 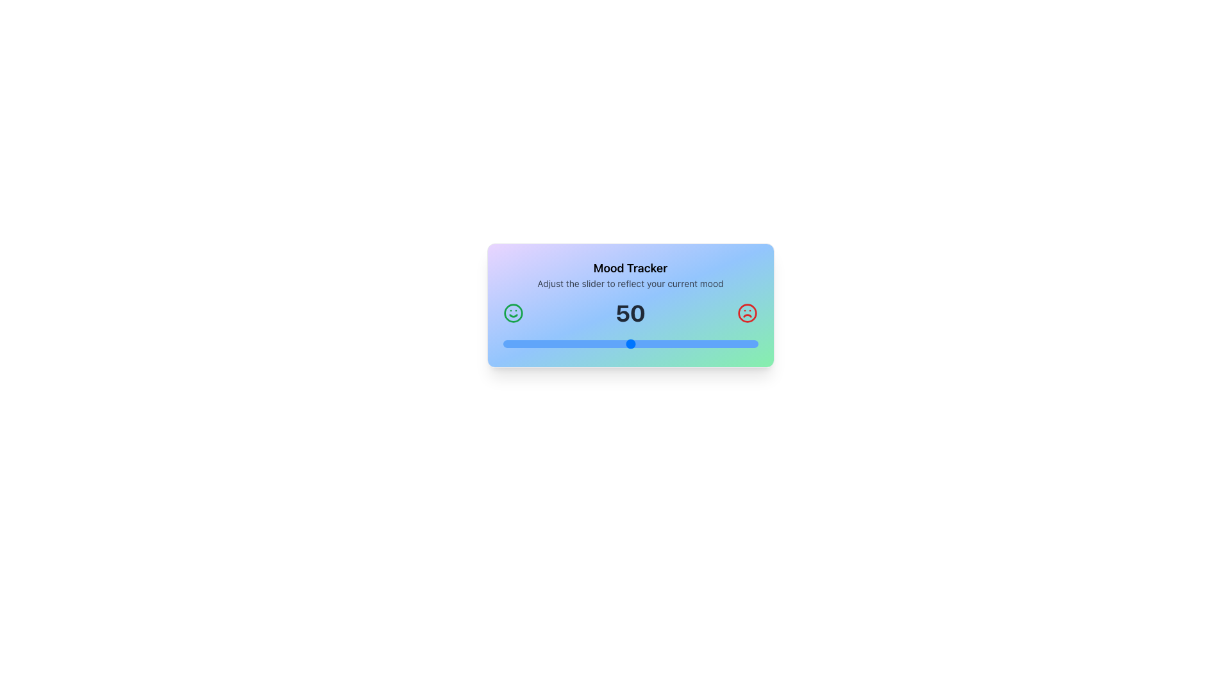 What do you see at coordinates (586, 343) in the screenshot?
I see `the mood slider value` at bounding box center [586, 343].